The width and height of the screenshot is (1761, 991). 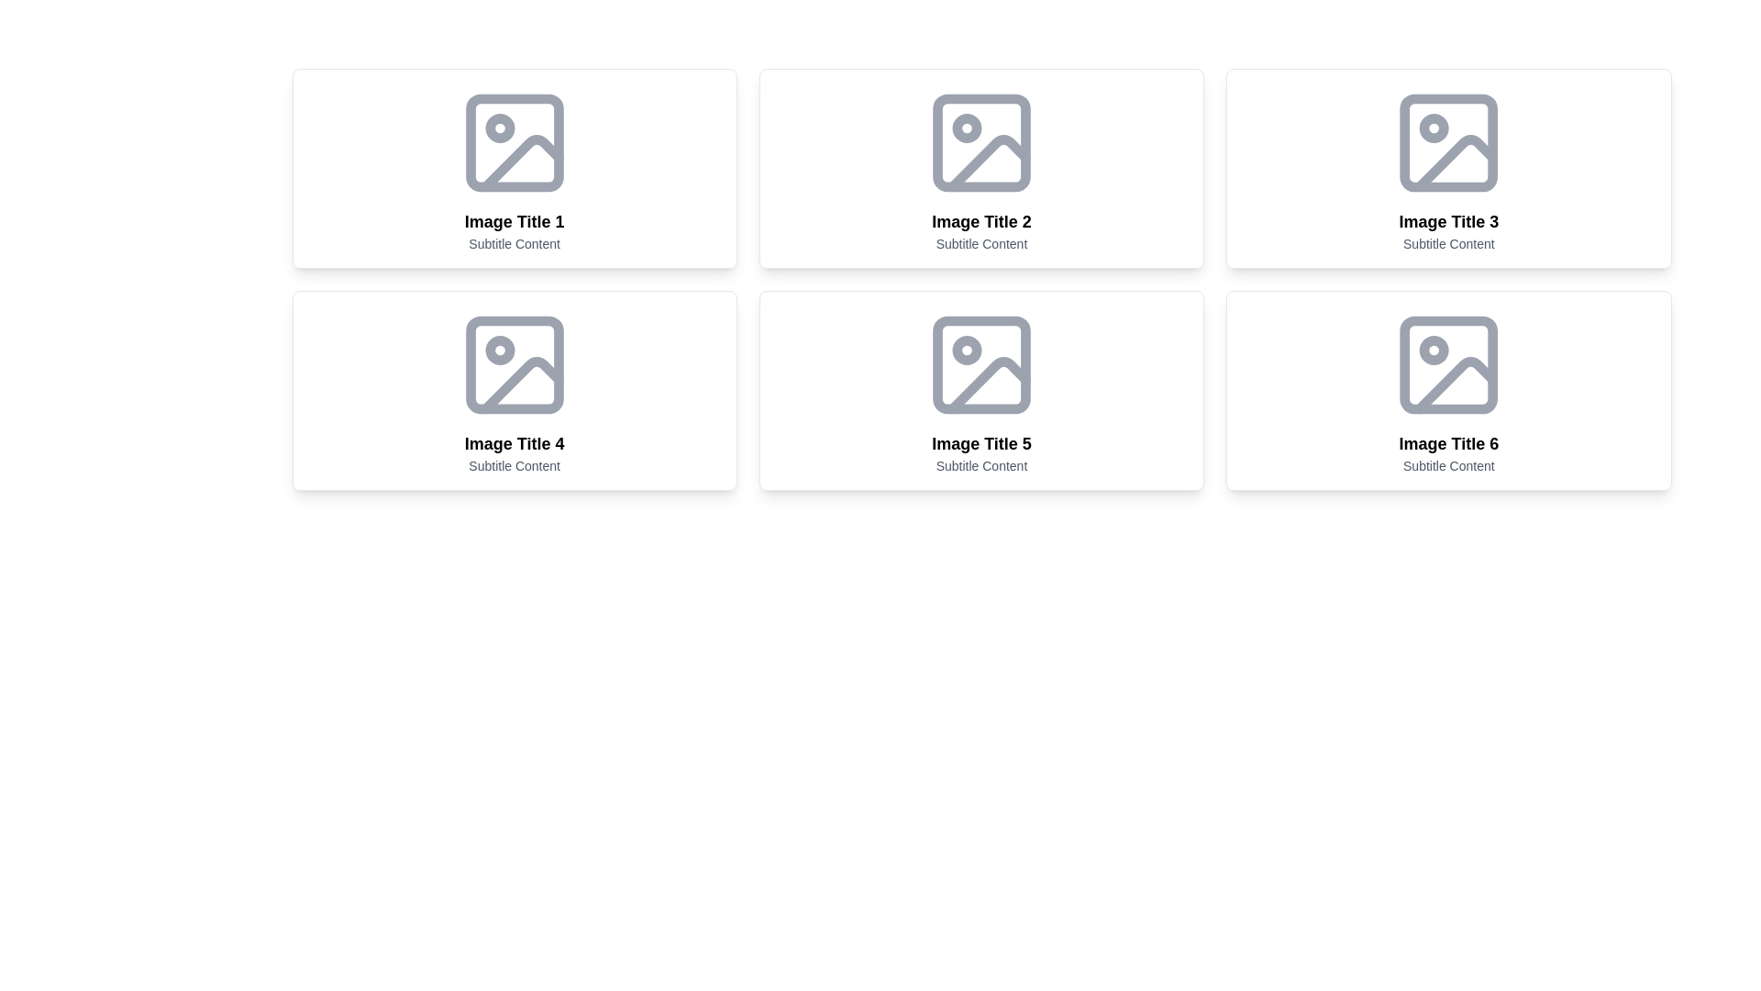 What do you see at coordinates (980, 141) in the screenshot?
I see `the icon component in the second image tile on the top row that indicates an image-related action or placeholder` at bounding box center [980, 141].